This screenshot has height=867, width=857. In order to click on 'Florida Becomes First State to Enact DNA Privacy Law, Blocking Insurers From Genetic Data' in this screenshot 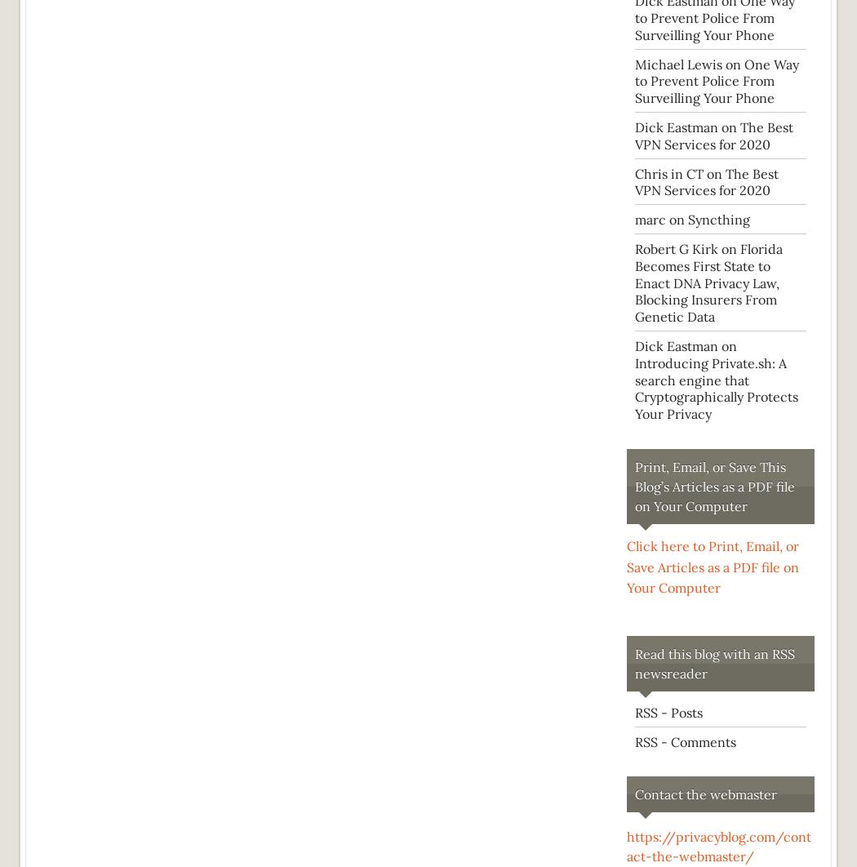, I will do `click(708, 281)`.